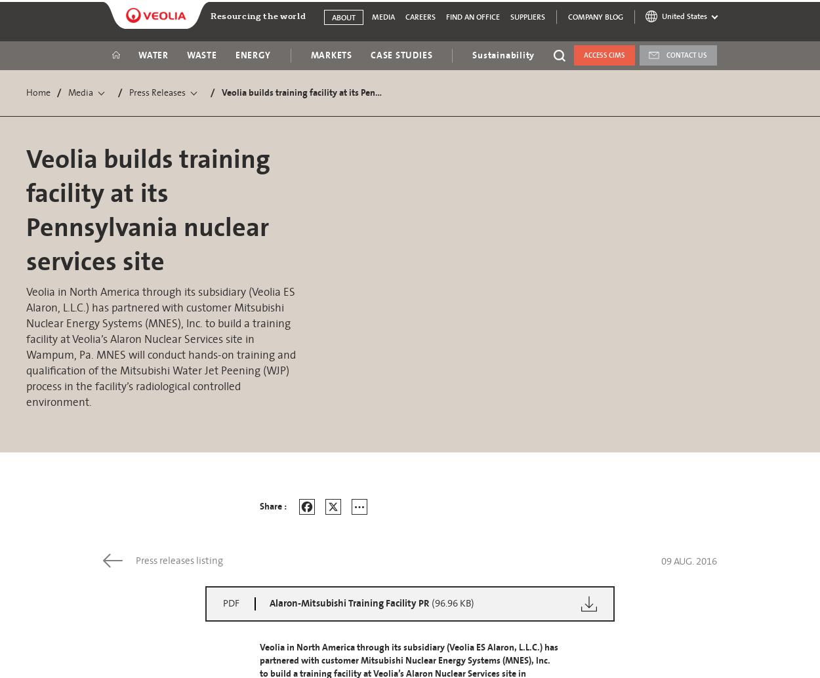  I want to click on 'Share', so click(374, 550).